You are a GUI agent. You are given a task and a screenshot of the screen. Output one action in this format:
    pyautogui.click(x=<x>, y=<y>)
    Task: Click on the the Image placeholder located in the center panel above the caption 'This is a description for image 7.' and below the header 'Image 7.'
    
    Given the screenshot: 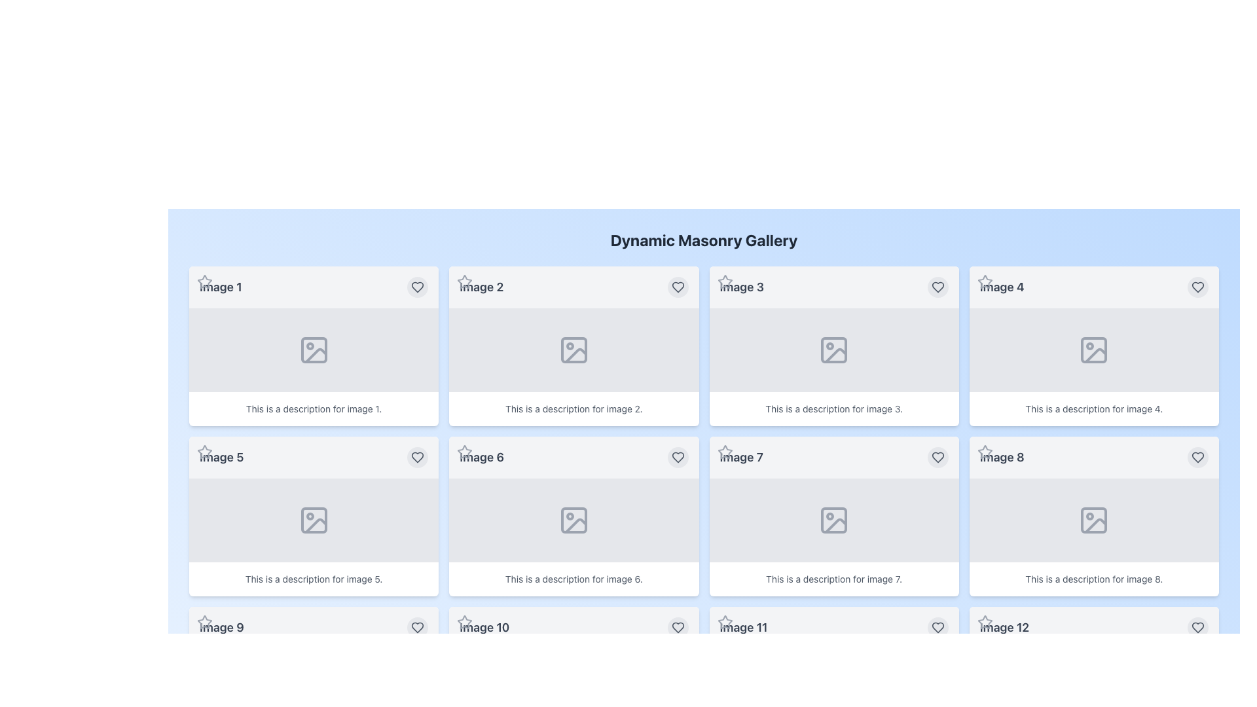 What is the action you would take?
    pyautogui.click(x=833, y=519)
    